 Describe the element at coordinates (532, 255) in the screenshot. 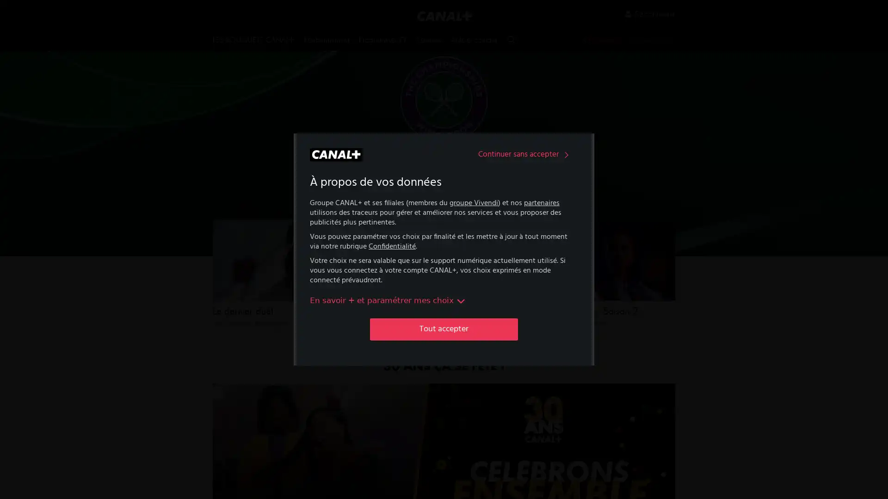

I see `Republique Centrafricaine` at that location.